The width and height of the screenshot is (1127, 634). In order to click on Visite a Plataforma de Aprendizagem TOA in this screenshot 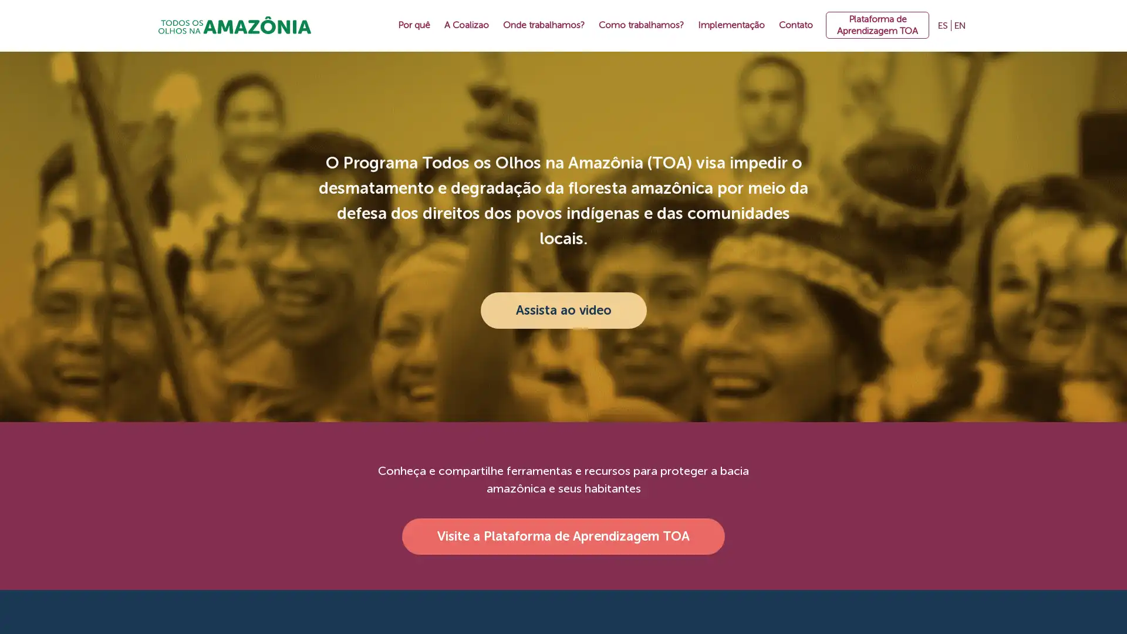, I will do `click(563, 537)`.